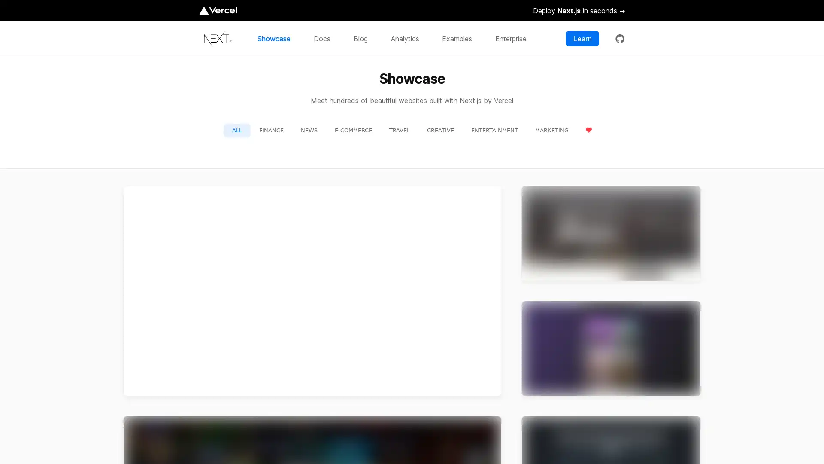 Image resolution: width=824 pixels, height=464 pixels. What do you see at coordinates (353, 130) in the screenshot?
I see `E-COMMERCE` at bounding box center [353, 130].